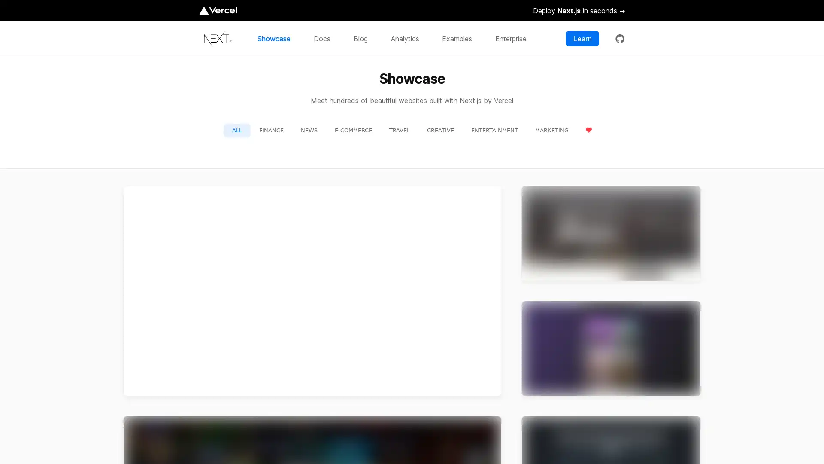 Image resolution: width=824 pixels, height=464 pixels. What do you see at coordinates (353, 130) in the screenshot?
I see `E-COMMERCE` at bounding box center [353, 130].